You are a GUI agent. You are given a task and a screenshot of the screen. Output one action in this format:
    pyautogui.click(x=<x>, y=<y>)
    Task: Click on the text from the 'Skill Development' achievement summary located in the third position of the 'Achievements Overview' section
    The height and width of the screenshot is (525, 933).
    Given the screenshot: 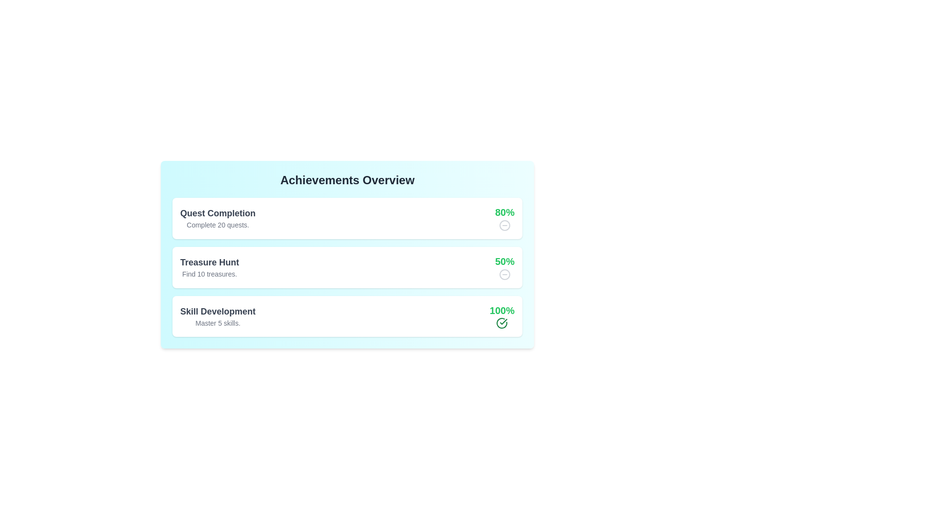 What is the action you would take?
    pyautogui.click(x=217, y=316)
    